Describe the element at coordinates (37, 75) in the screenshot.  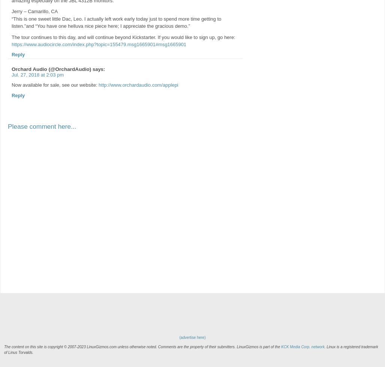
I see `'Jul. 27, 2018 at 2:03 pm'` at that location.